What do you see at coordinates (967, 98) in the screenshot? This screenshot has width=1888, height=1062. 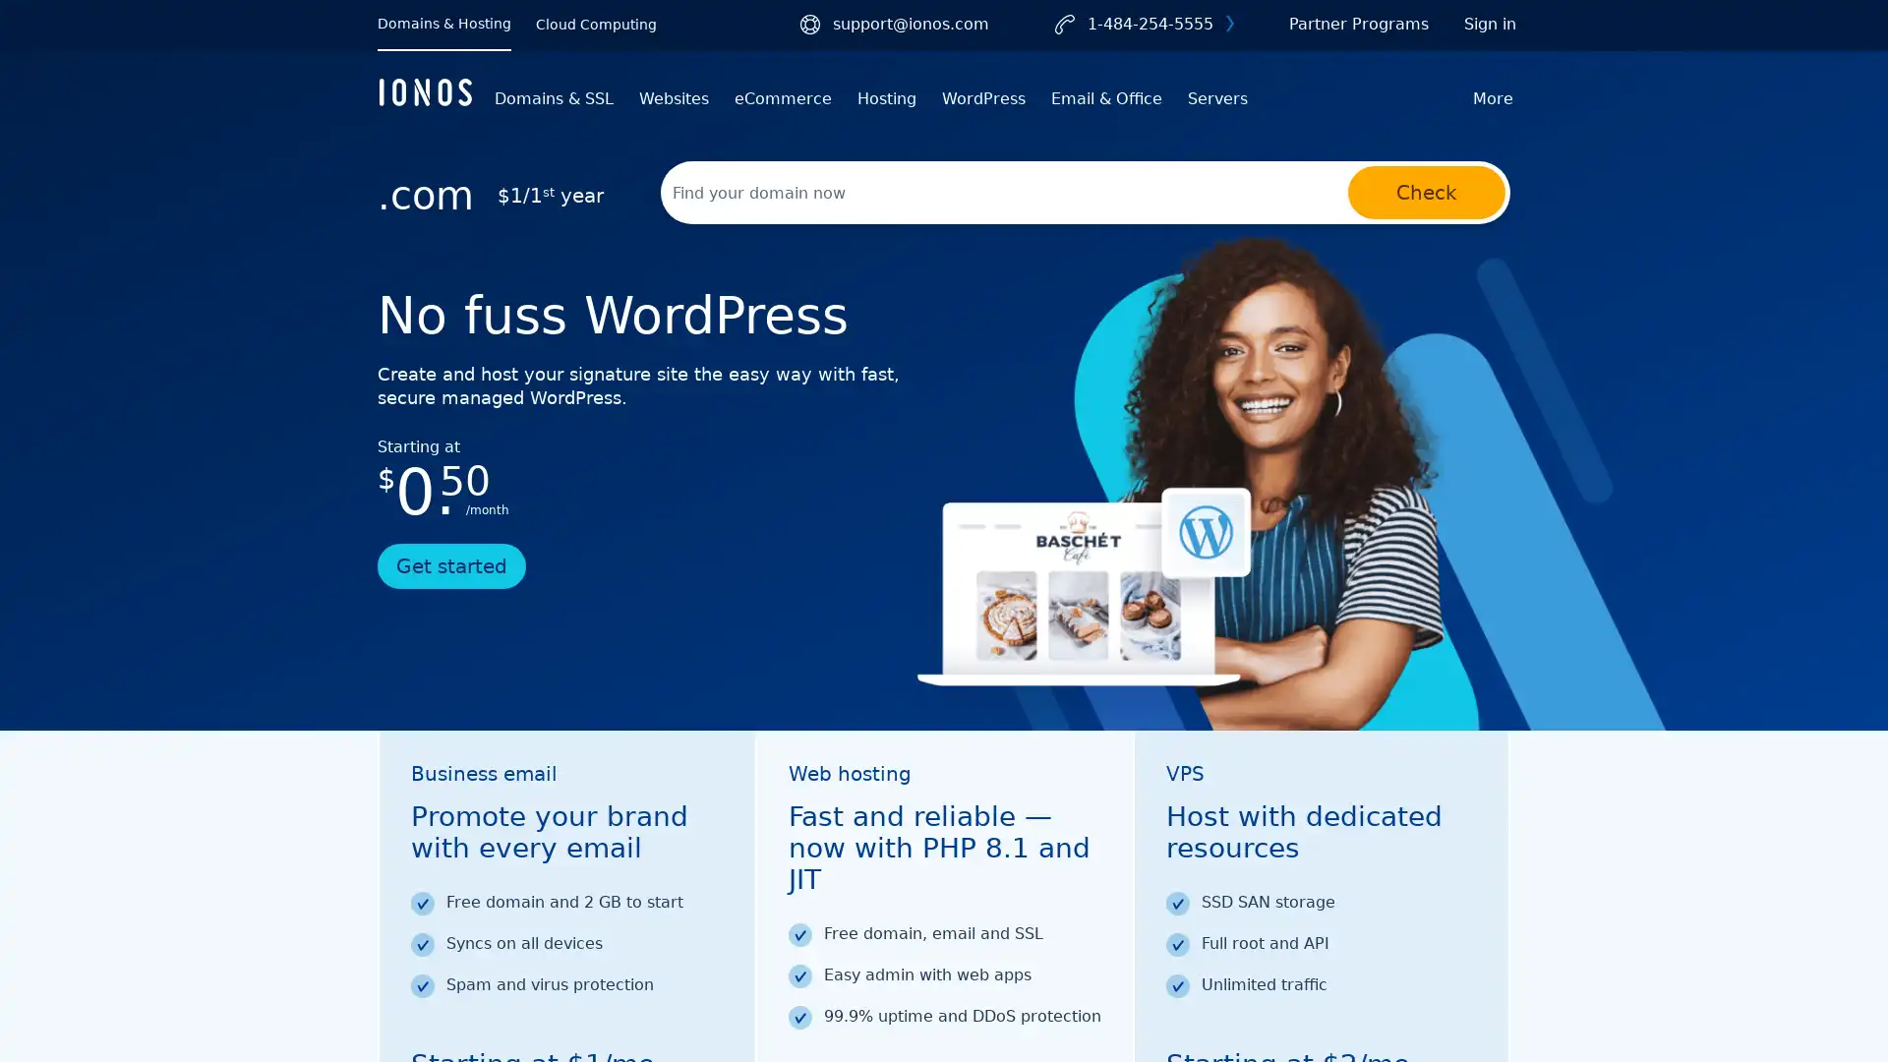 I see `WordPress` at bounding box center [967, 98].